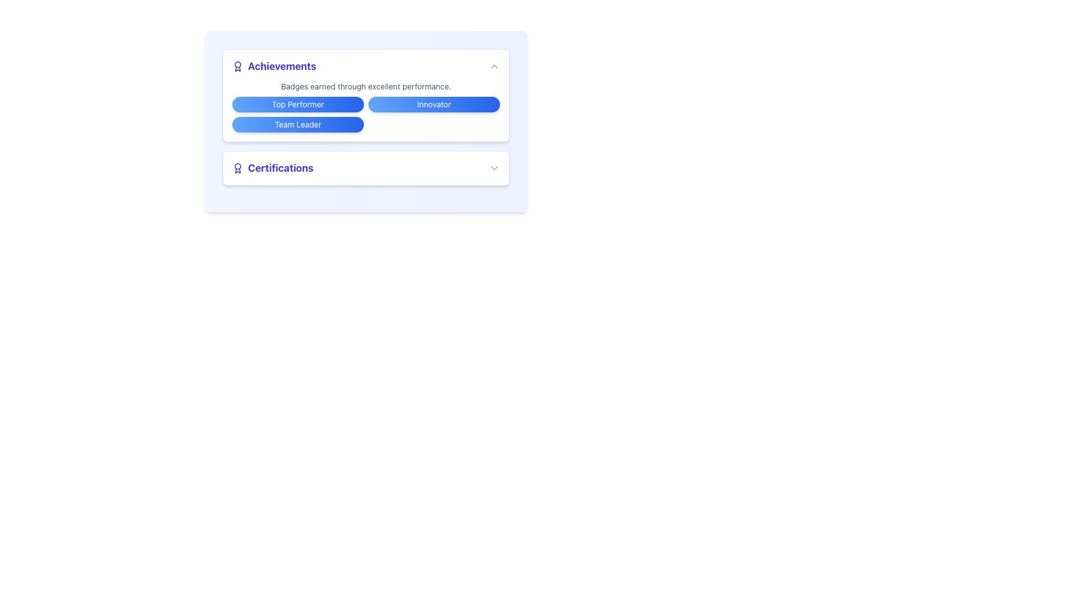  I want to click on the text label that reads 'Badges earned through excellent performance.' which is styled in gray and positioned at the top of the 'Achievements' section, so click(366, 86).